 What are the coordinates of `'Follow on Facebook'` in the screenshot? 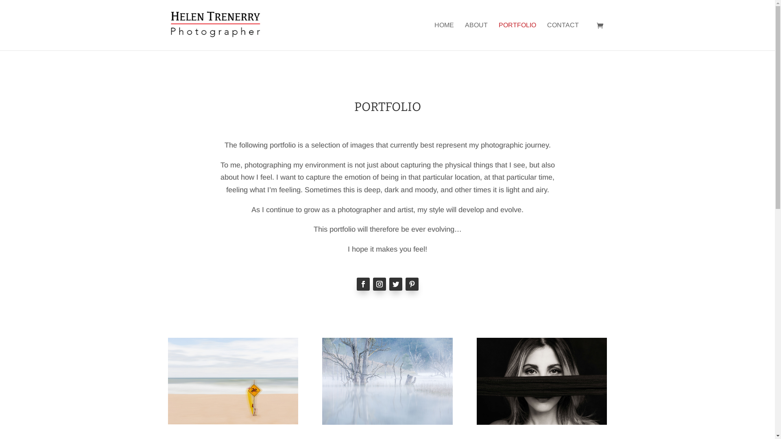 It's located at (362, 283).